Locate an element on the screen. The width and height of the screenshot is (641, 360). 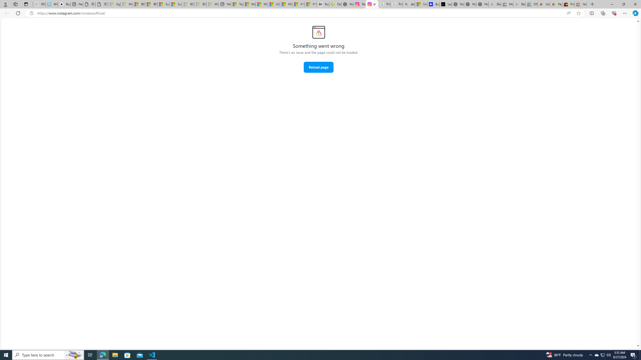
'Press Room - eBay Inc.' is located at coordinates (568, 4).